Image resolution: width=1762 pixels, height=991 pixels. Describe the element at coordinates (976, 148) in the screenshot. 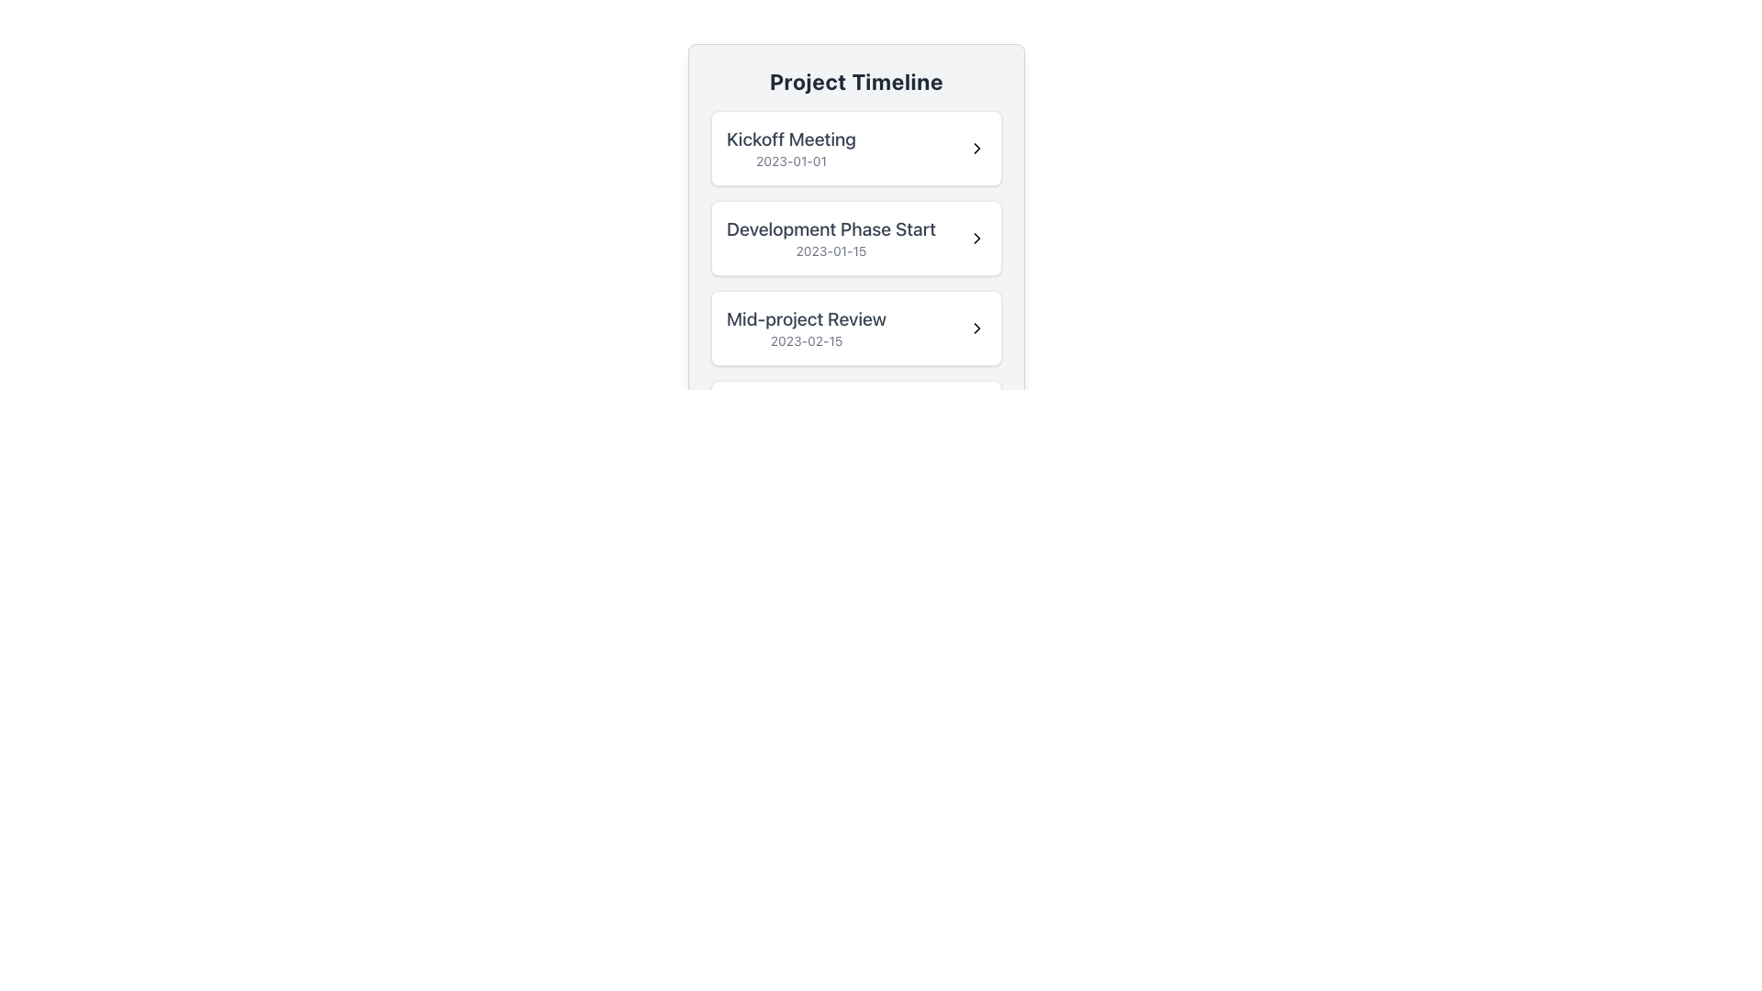

I see `the icon indicating the navigable action for the 'Kickoff Meeting' list item located at the far-right side adjacent to the '2023-01-01' date text` at that location.